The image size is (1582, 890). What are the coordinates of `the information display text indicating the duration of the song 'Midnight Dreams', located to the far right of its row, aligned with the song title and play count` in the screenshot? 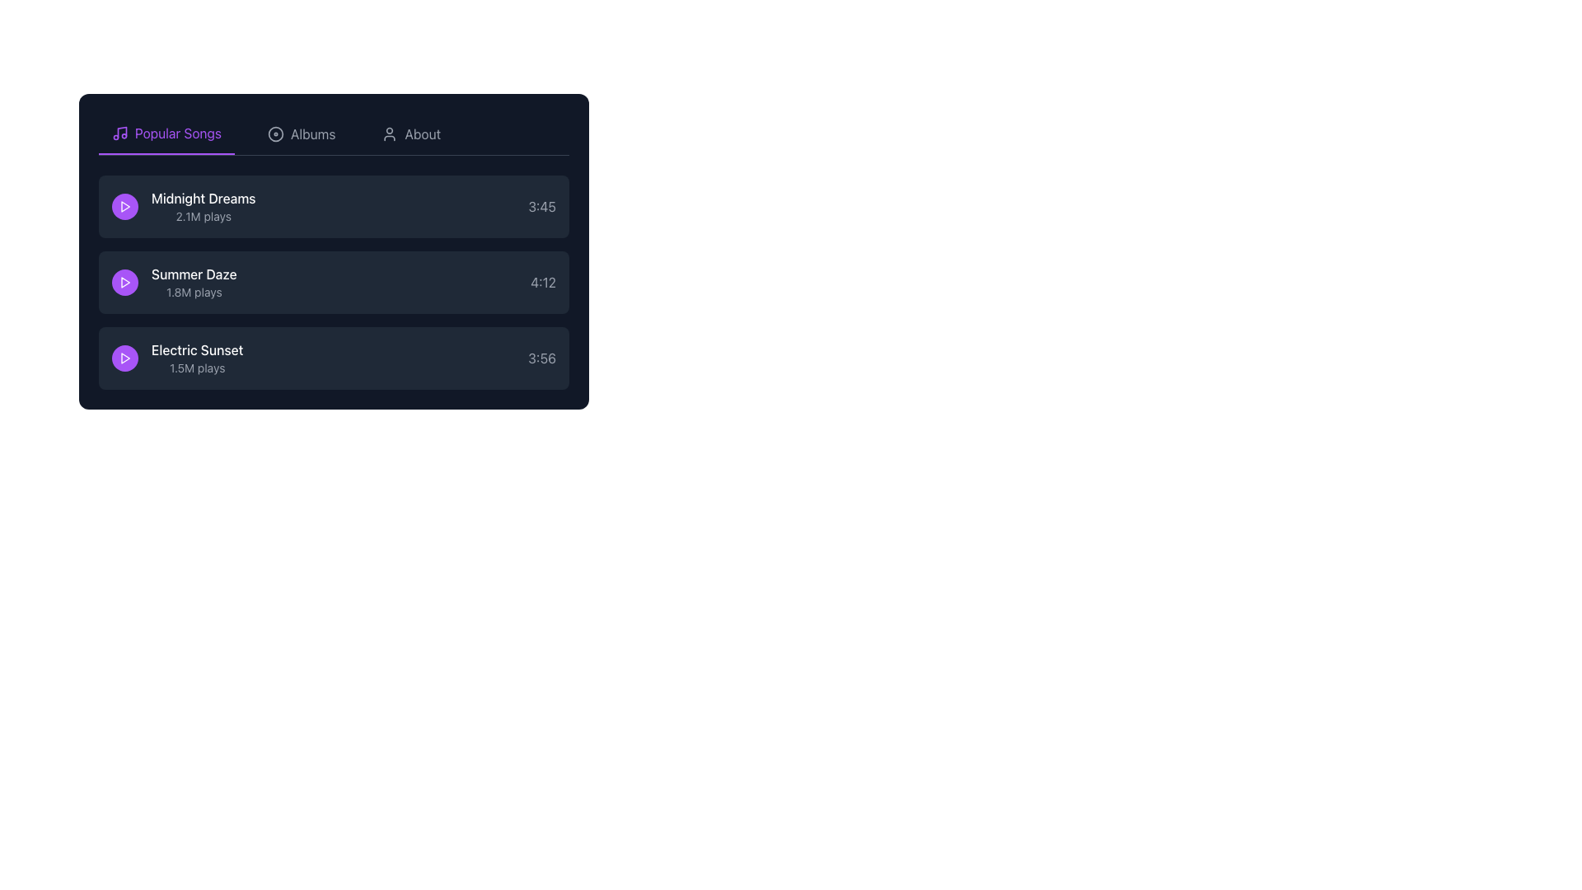 It's located at (542, 205).